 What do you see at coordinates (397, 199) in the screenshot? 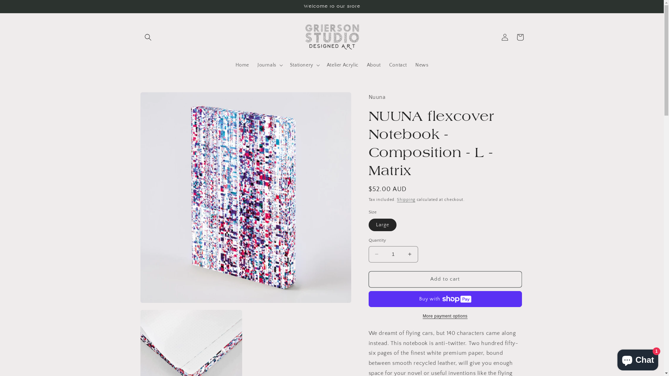
I see `'Shipping'` at bounding box center [397, 199].